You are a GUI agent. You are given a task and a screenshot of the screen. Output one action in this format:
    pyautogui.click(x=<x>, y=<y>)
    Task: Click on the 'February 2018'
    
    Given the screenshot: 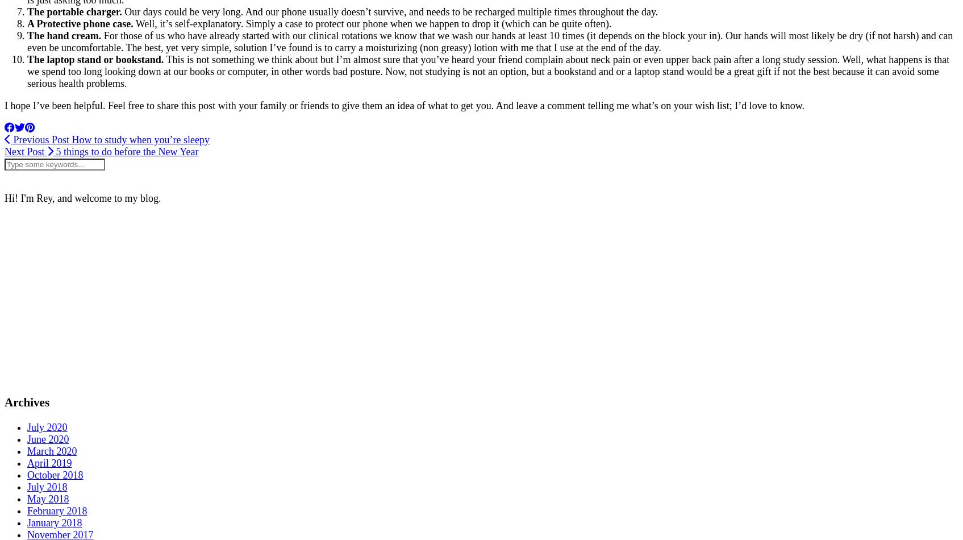 What is the action you would take?
    pyautogui.click(x=56, y=510)
    